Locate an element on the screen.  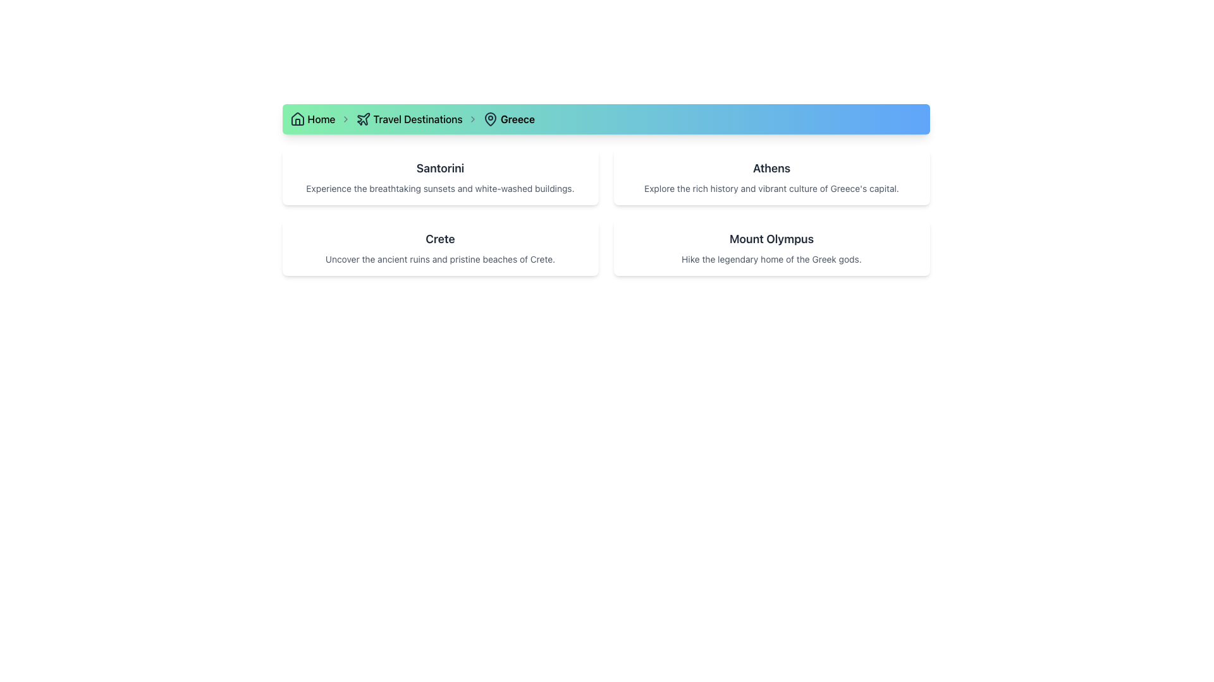
the informative card representing Crete, which is the third card in a 2x2 grid layout, located in the first column of the second row, under the 'Santorini' card and to the left of the 'Mount Olympus' card is located at coordinates (440, 248).